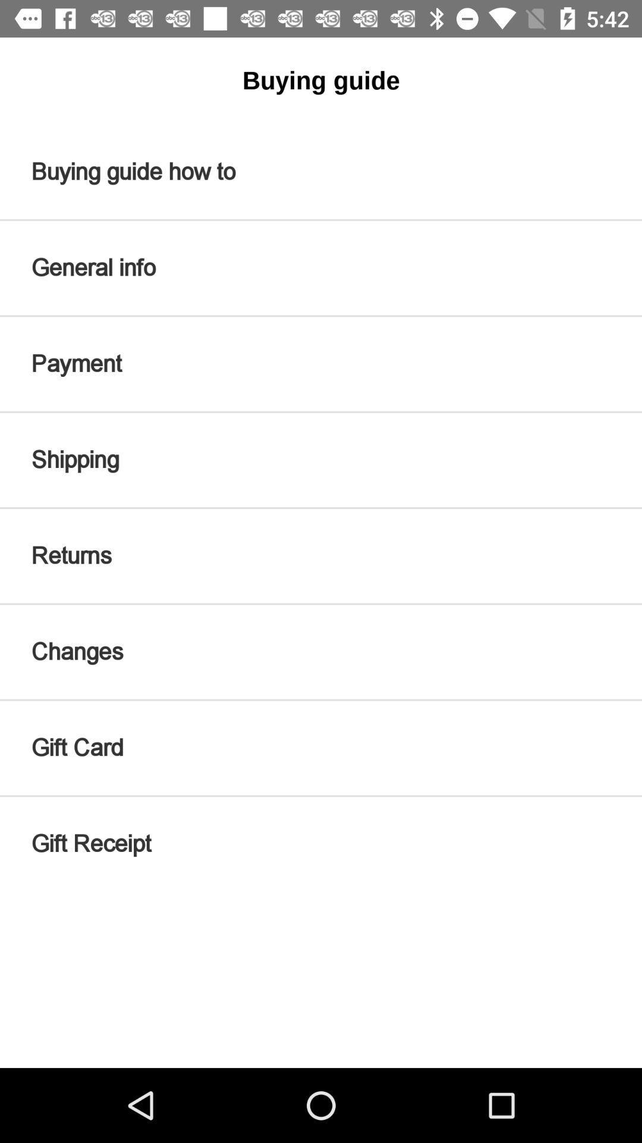 The width and height of the screenshot is (642, 1143). I want to click on the item above returns item, so click(321, 459).